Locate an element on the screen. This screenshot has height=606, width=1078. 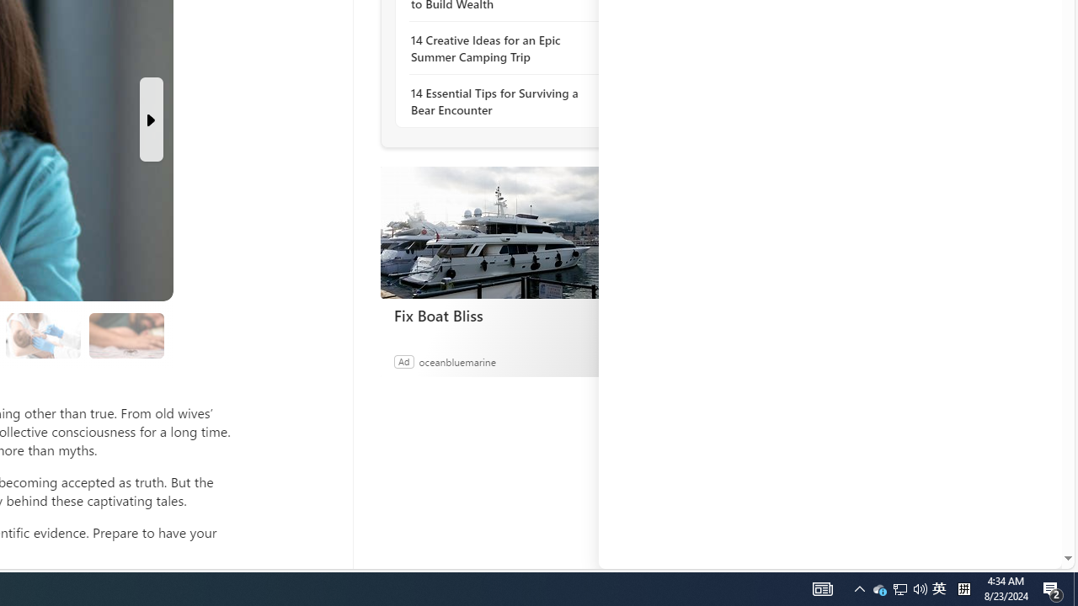
'Fix Boat Bliss' is located at coordinates (505, 232).